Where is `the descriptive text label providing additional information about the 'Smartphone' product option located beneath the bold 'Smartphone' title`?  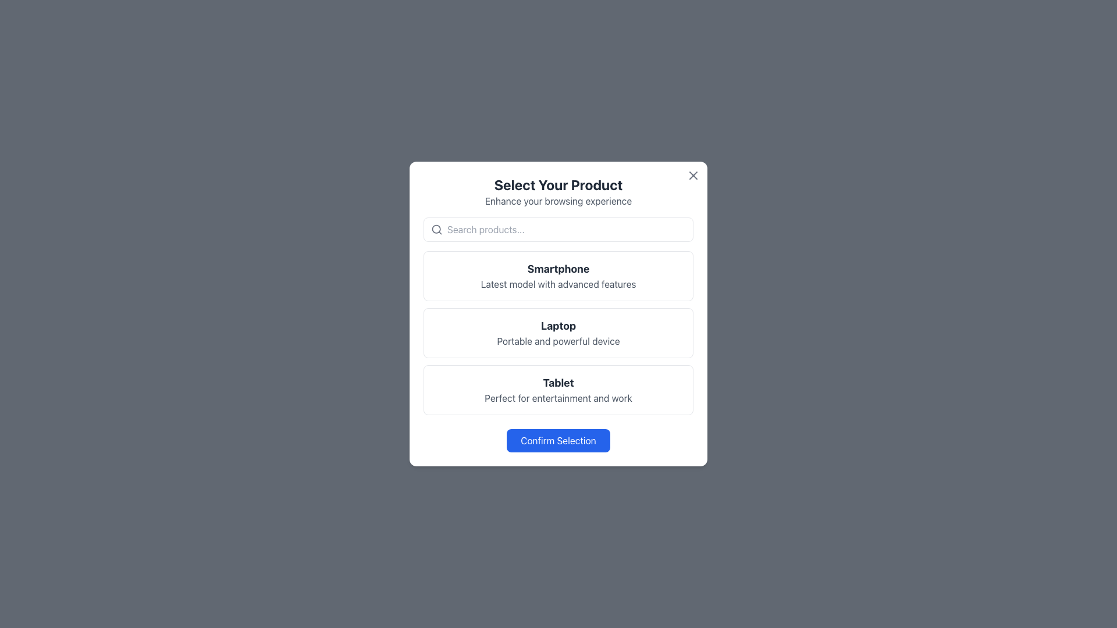
the descriptive text label providing additional information about the 'Smartphone' product option located beneath the bold 'Smartphone' title is located at coordinates (558, 284).